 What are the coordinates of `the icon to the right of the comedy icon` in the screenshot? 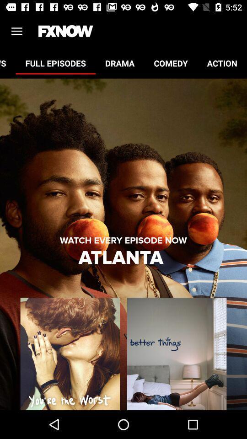 It's located at (221, 63).